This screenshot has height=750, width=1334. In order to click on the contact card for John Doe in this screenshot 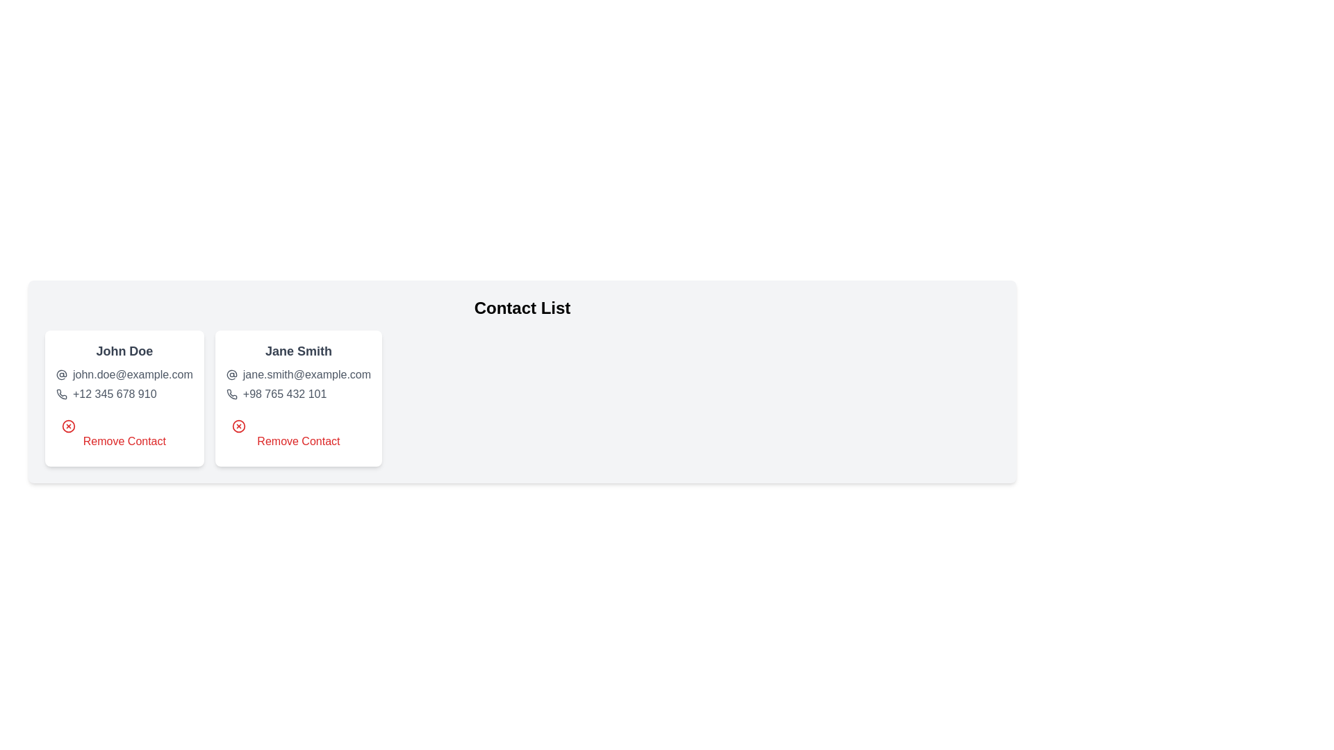, I will do `click(124, 399)`.